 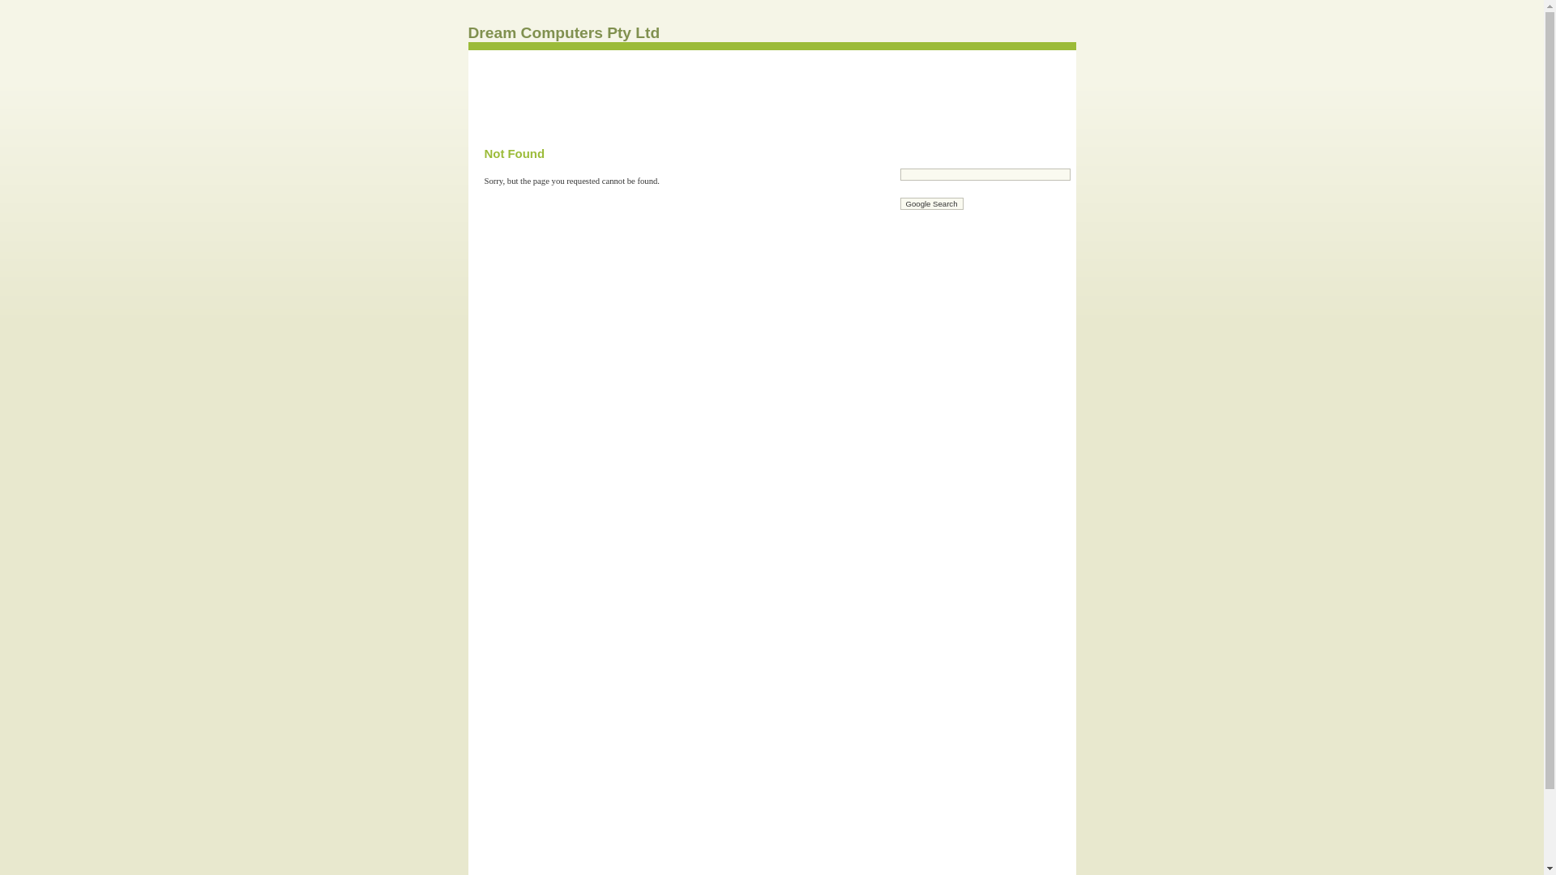 What do you see at coordinates (564, 32) in the screenshot?
I see `'Dream Computers Pty Ltd'` at bounding box center [564, 32].